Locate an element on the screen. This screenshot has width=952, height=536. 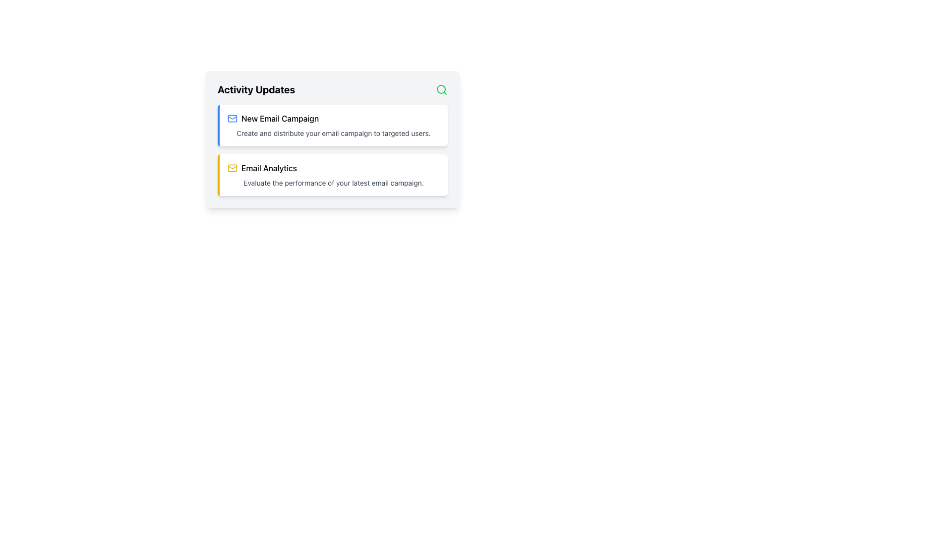
the 'New Email Campaign' text label that identifies the functionality for creating and distributing email campaigns under 'Activity Updates' is located at coordinates (280, 118).